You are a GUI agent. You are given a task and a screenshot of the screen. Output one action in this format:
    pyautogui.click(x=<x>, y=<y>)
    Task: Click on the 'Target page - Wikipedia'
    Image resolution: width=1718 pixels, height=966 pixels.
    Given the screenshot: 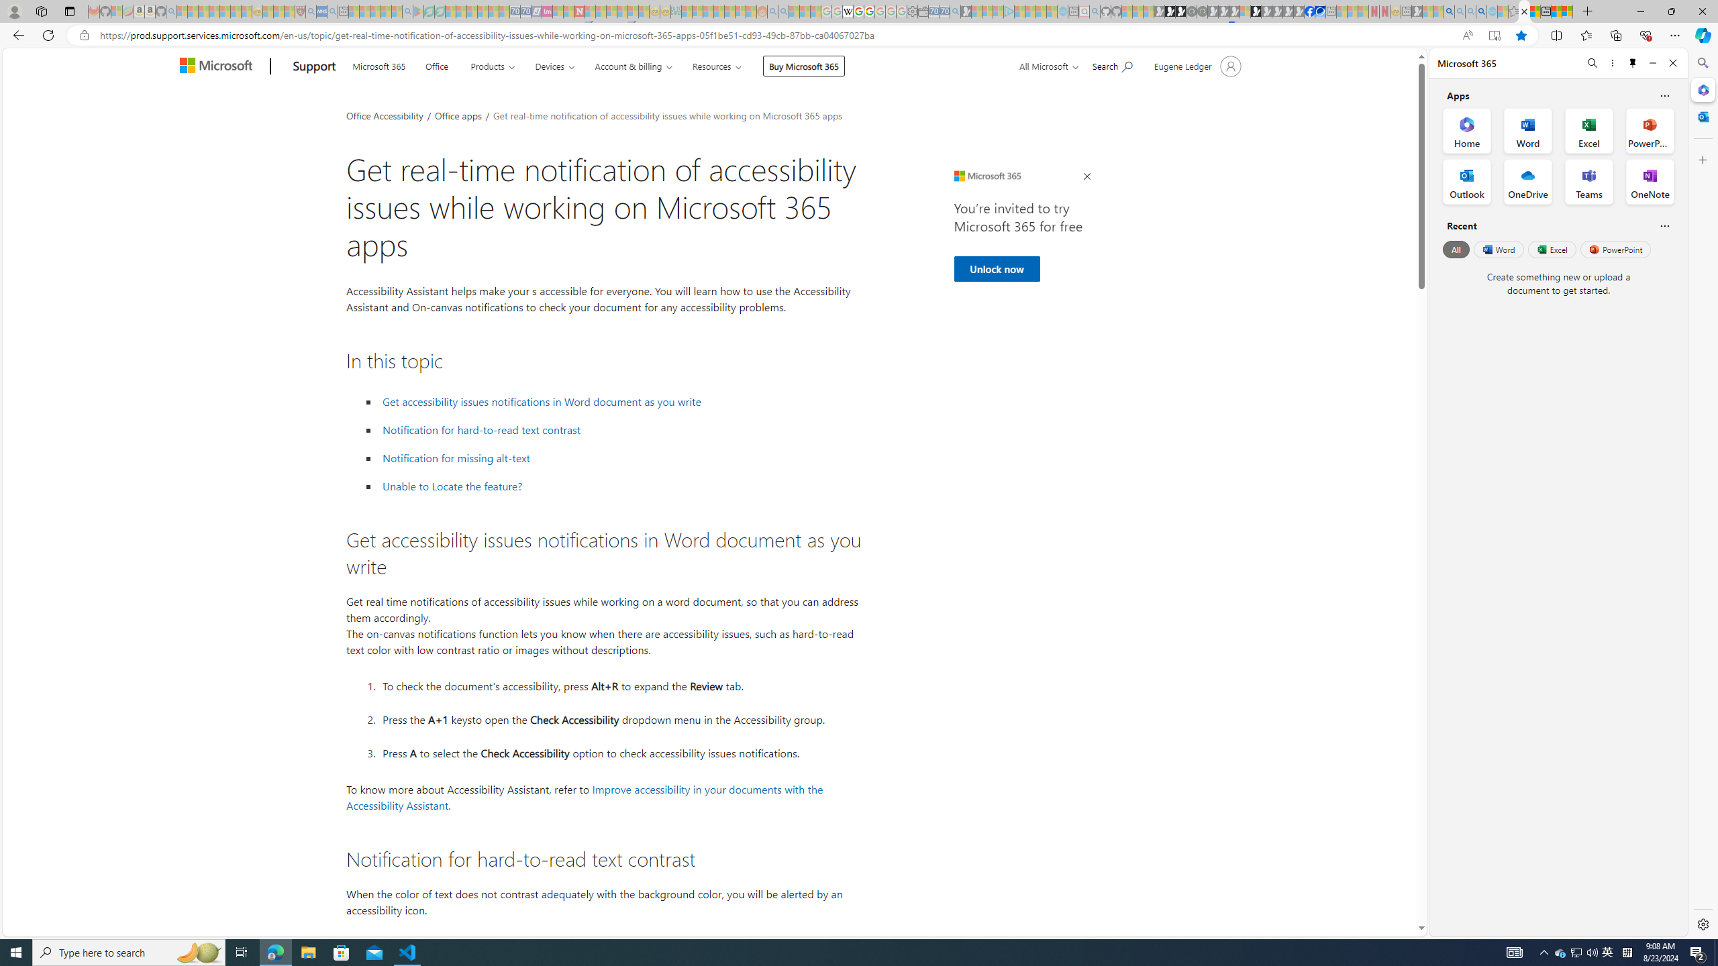 What is the action you would take?
    pyautogui.click(x=848, y=11)
    